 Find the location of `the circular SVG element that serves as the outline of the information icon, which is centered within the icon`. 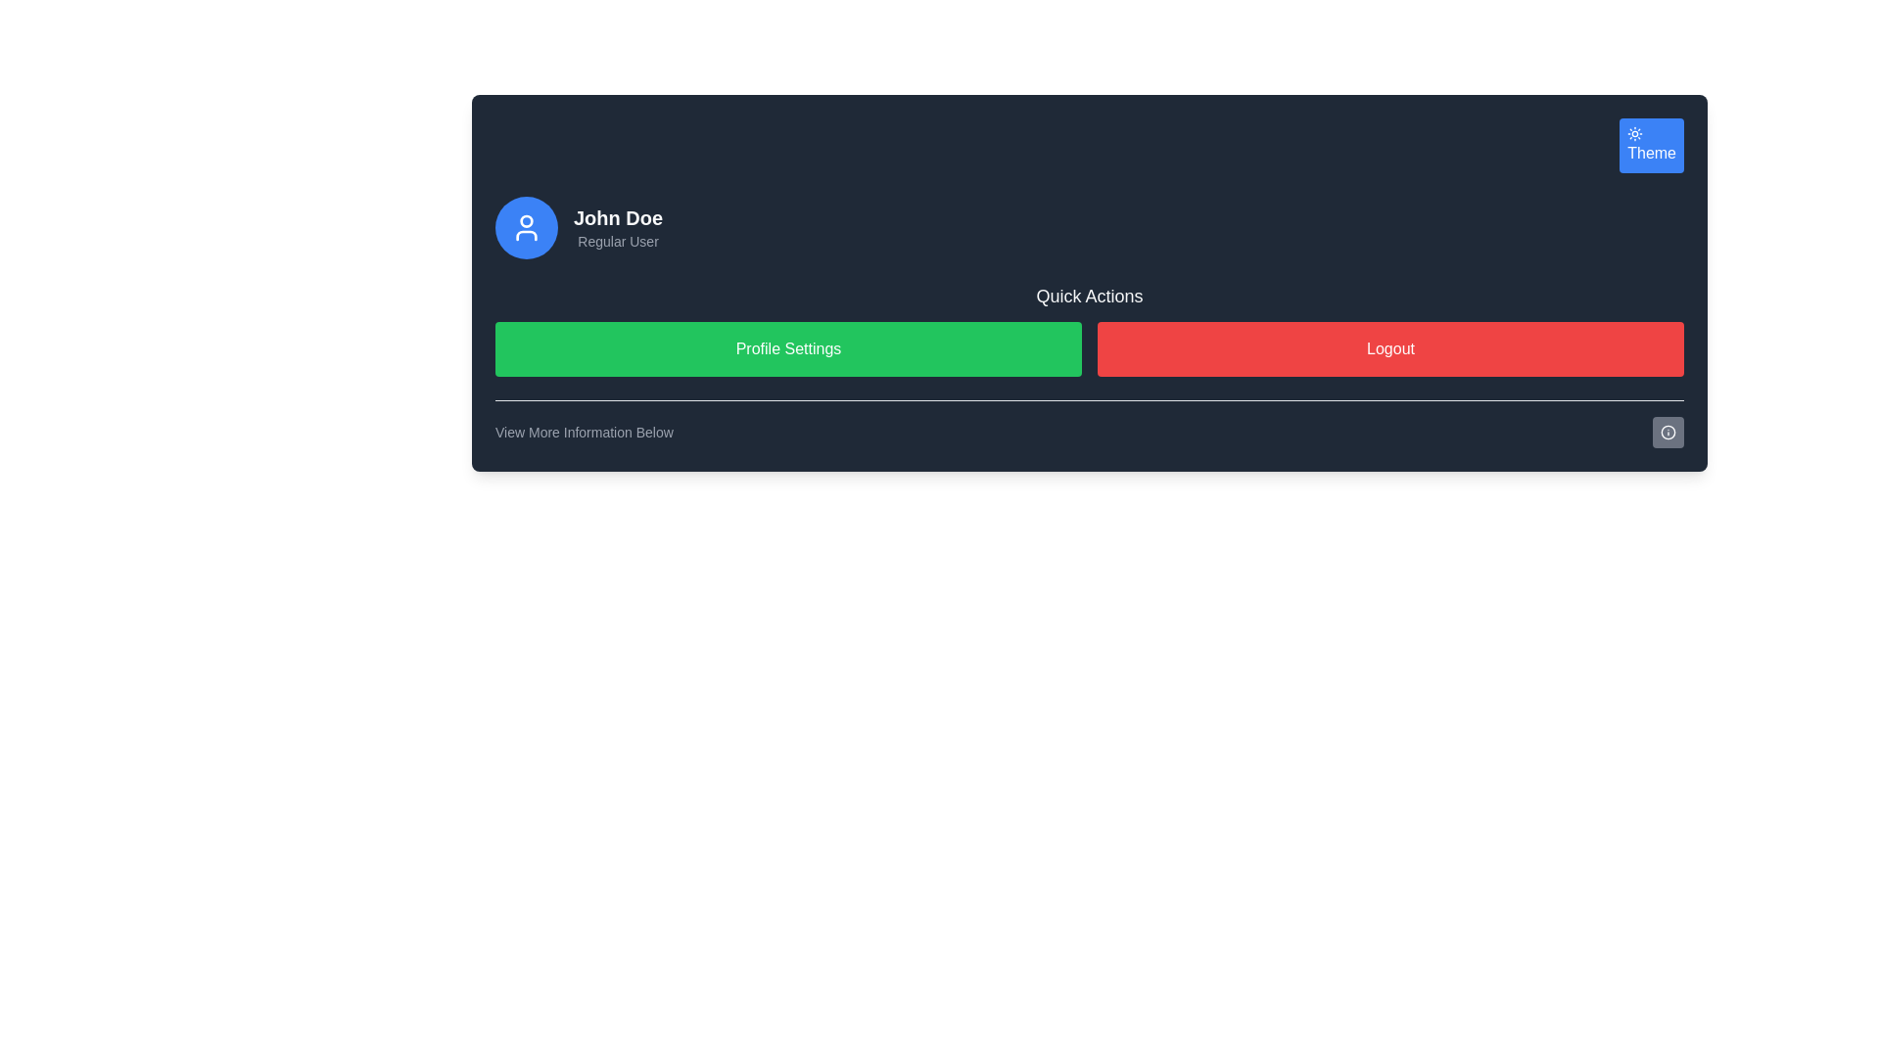

the circular SVG element that serves as the outline of the information icon, which is centered within the icon is located at coordinates (1668, 432).